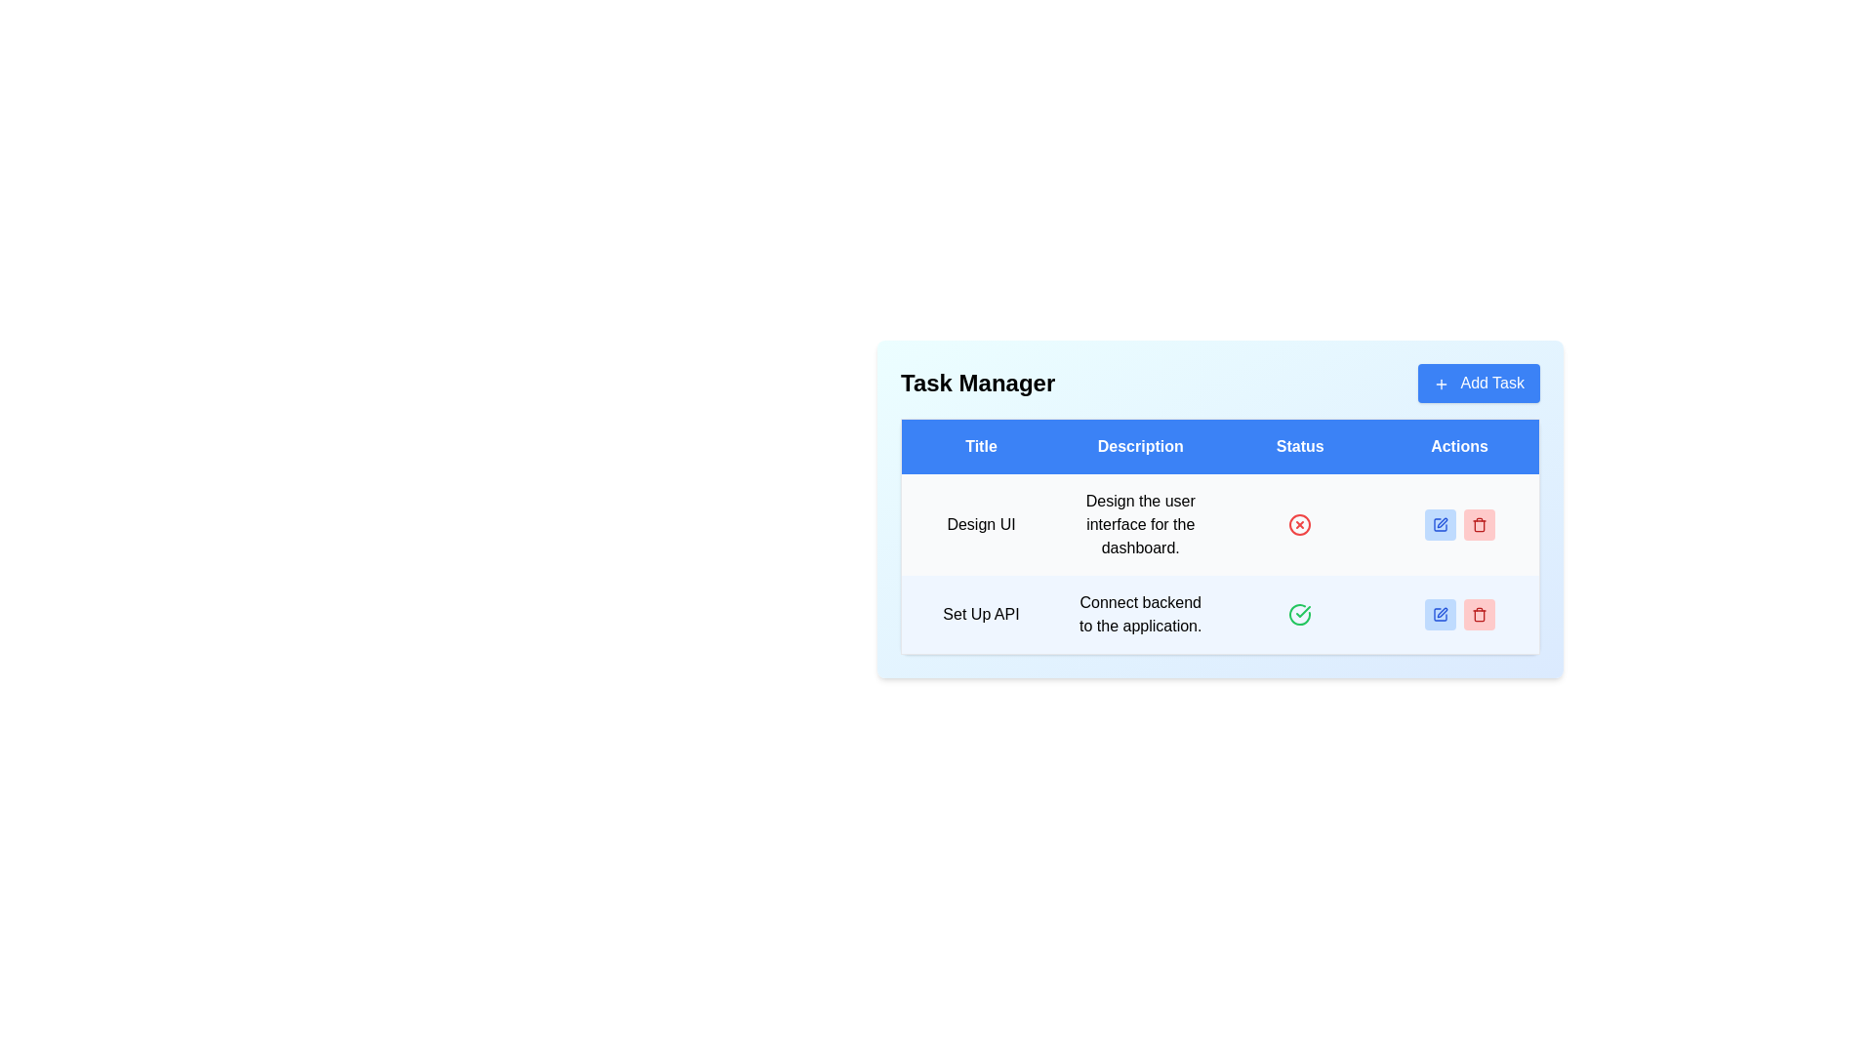 This screenshot has width=1874, height=1054. What do you see at coordinates (1441, 384) in the screenshot?
I see `the 'plus' icon, which is a modern light blue icon positioned to the left of the 'Add Task' text on a button in the top-right corner of the application panel` at bounding box center [1441, 384].